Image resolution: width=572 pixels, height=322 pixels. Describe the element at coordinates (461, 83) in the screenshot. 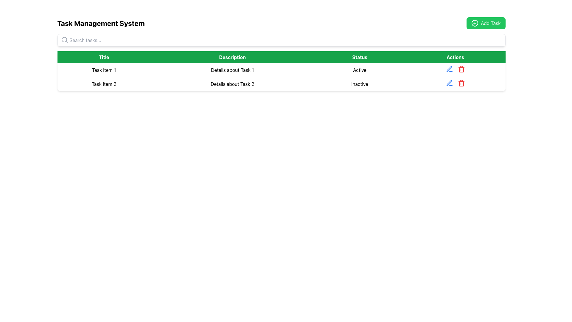

I see `the 'Delete' button with an icon located` at that location.